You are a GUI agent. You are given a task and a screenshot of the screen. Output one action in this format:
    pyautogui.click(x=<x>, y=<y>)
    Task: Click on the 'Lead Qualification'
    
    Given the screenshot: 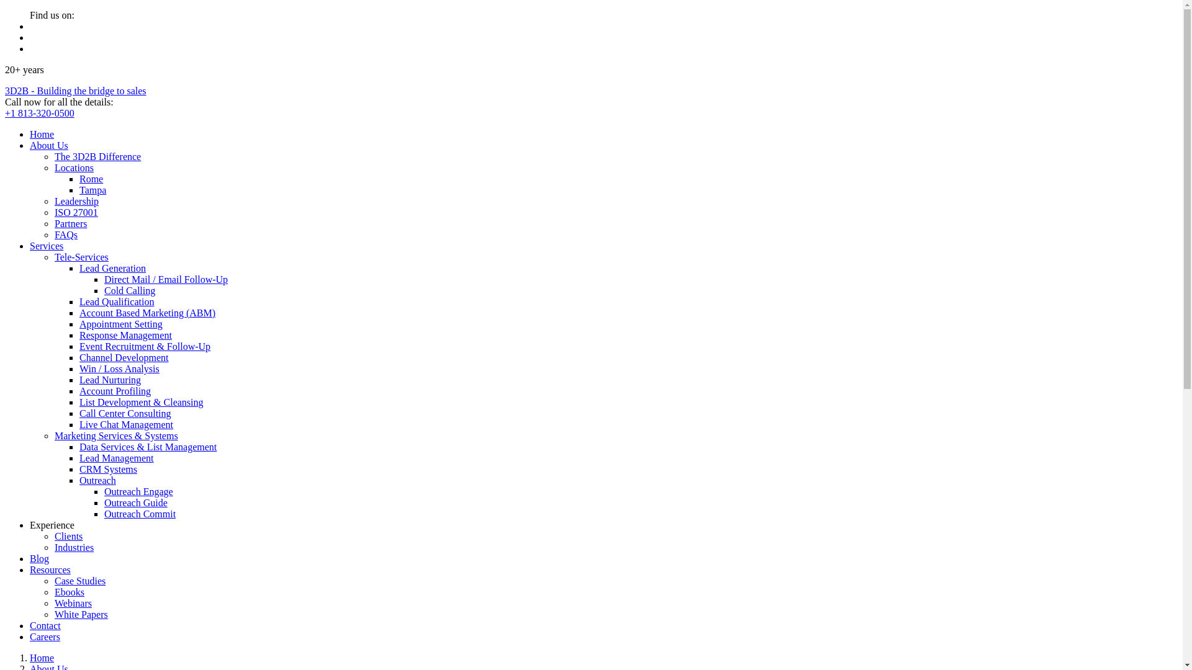 What is the action you would take?
    pyautogui.click(x=79, y=301)
    